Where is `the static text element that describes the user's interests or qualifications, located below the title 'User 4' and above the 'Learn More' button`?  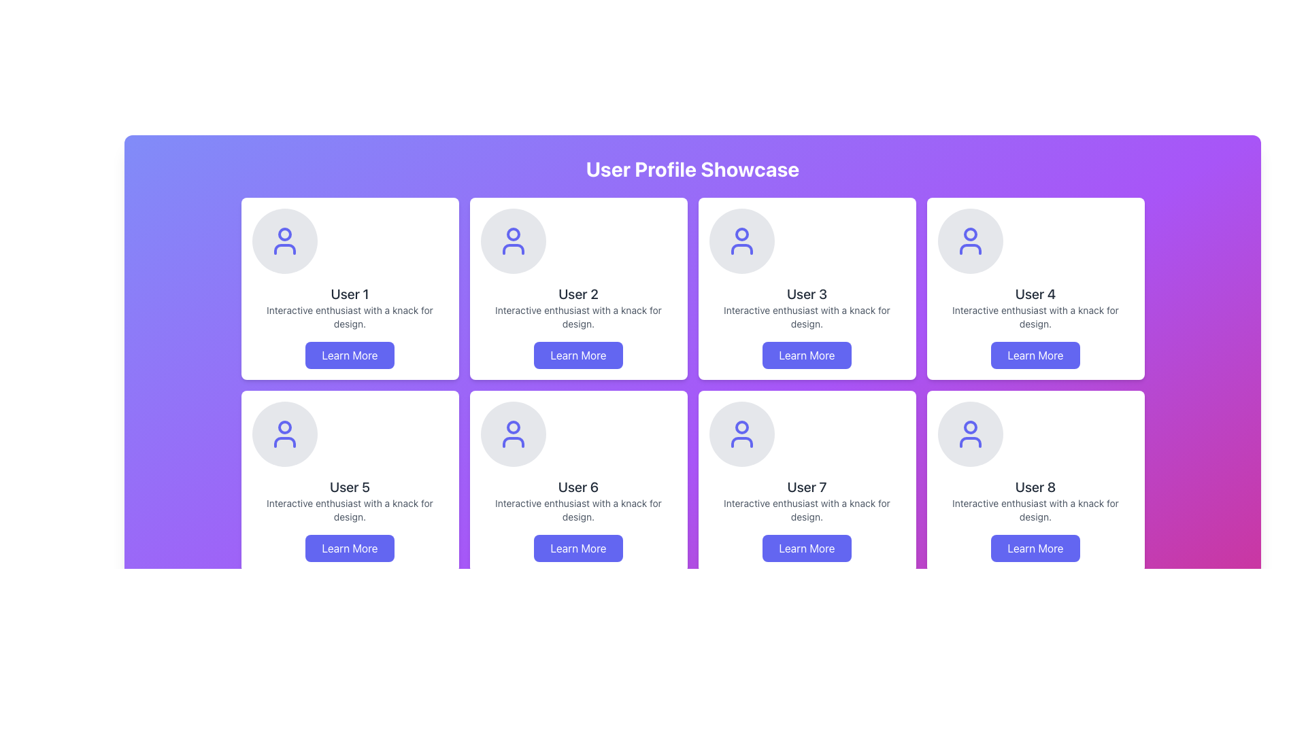
the static text element that describes the user's interests or qualifications, located below the title 'User 4' and above the 'Learn More' button is located at coordinates (1035, 317).